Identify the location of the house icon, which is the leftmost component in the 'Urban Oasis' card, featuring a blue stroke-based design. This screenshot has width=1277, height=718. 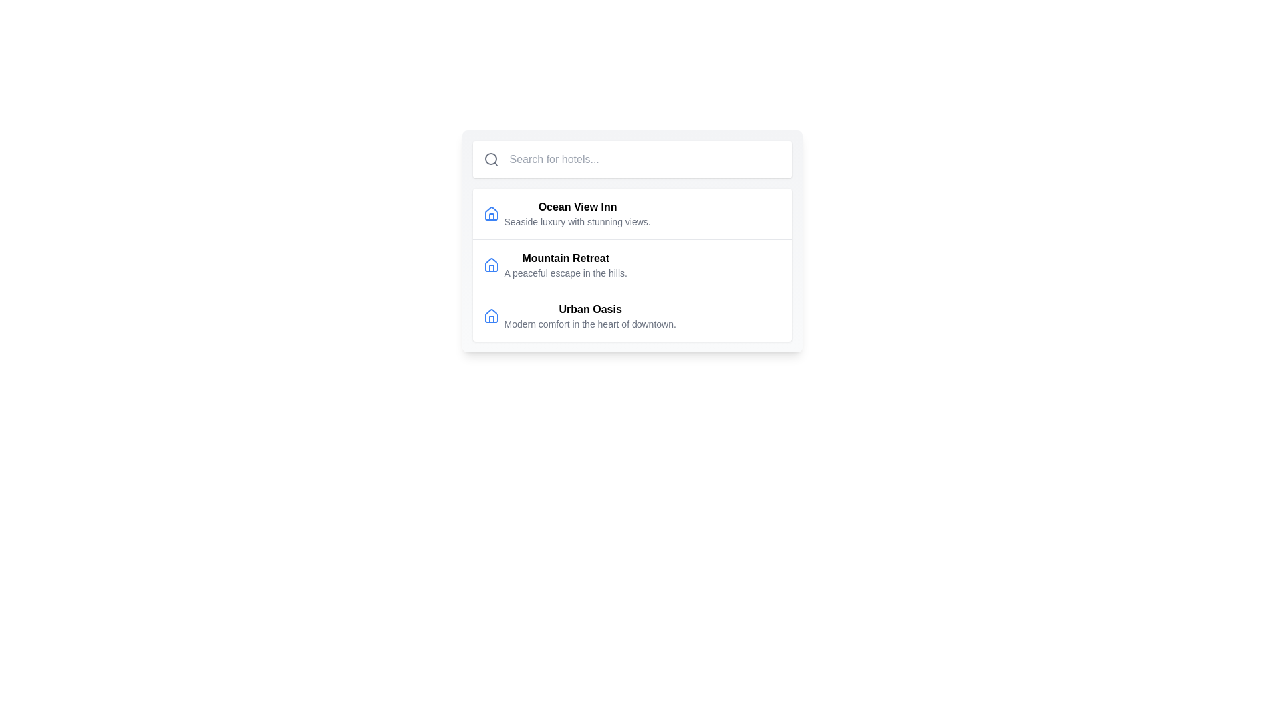
(490, 316).